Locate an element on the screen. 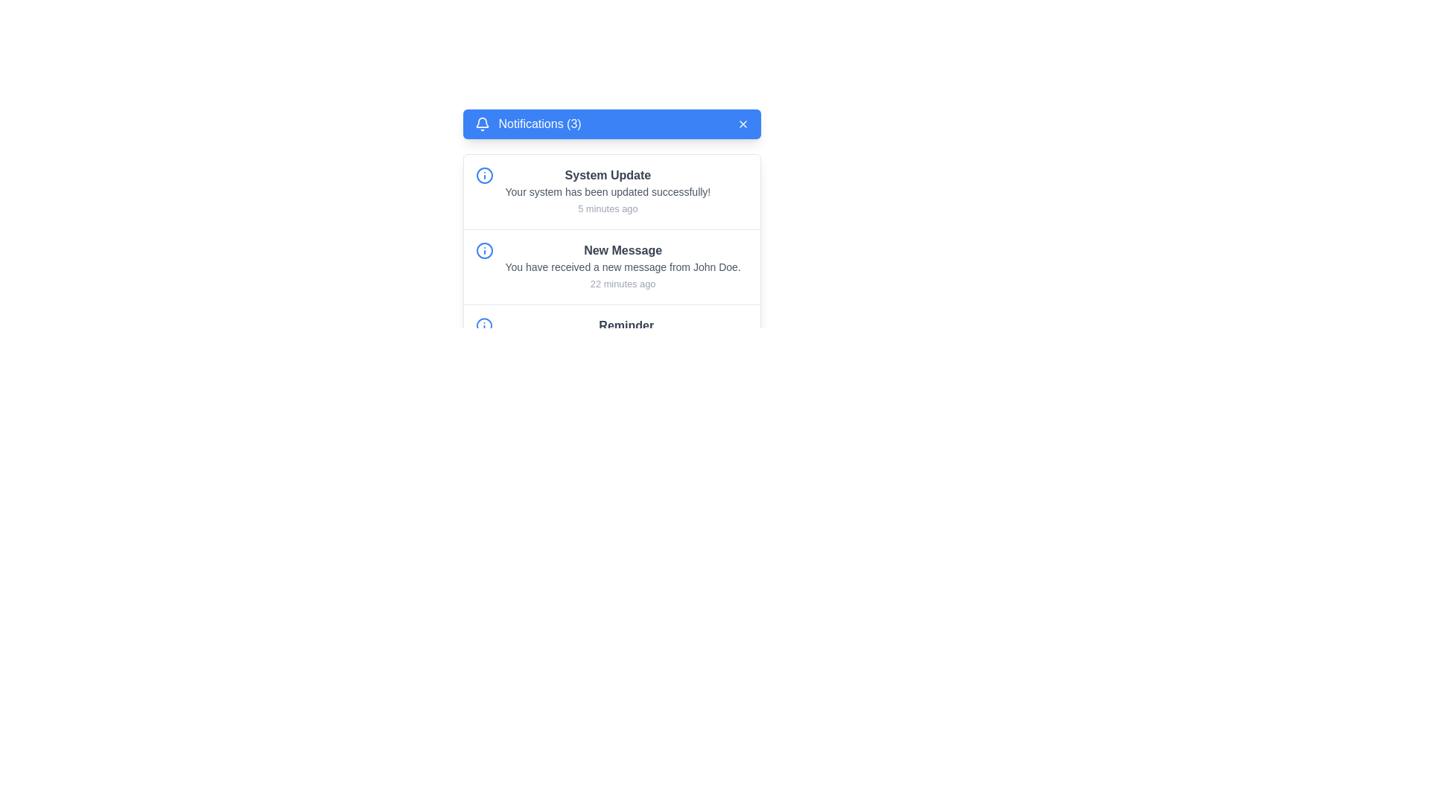  the 'X' icon button located at the far right end of the blue header bar is located at coordinates (743, 123).